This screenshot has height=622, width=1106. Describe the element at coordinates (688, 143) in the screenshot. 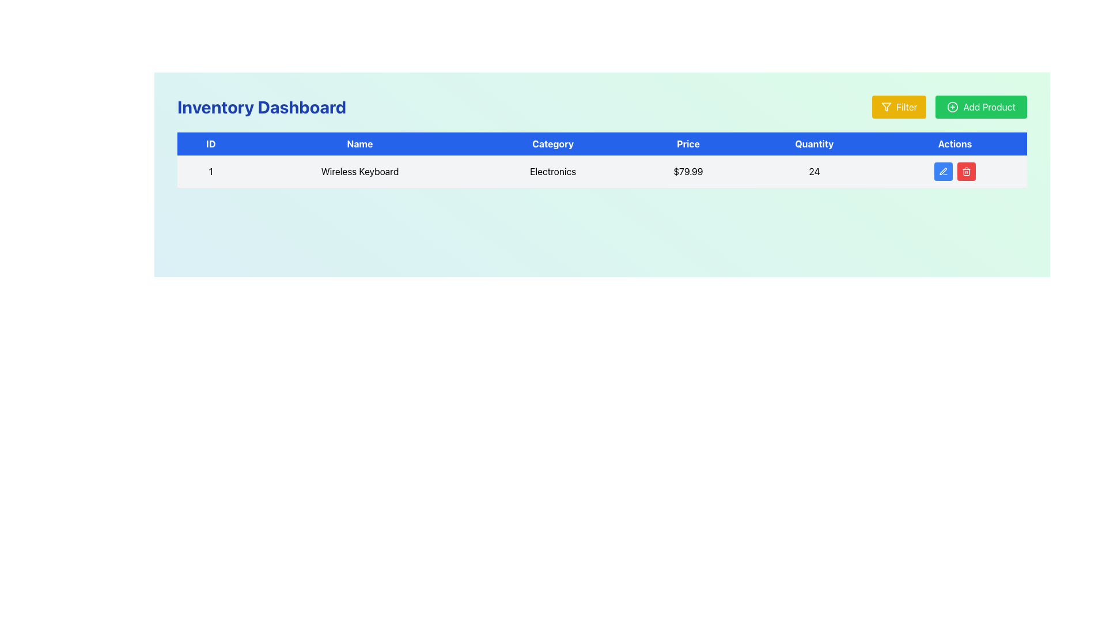

I see `the text label 'Price' which is styled with a bold white font on a blue background, located in the top row of a table, fourth from the left among labels 'ID', 'Name', 'Category', 'Price', 'Quantity', and 'Actions'` at that location.